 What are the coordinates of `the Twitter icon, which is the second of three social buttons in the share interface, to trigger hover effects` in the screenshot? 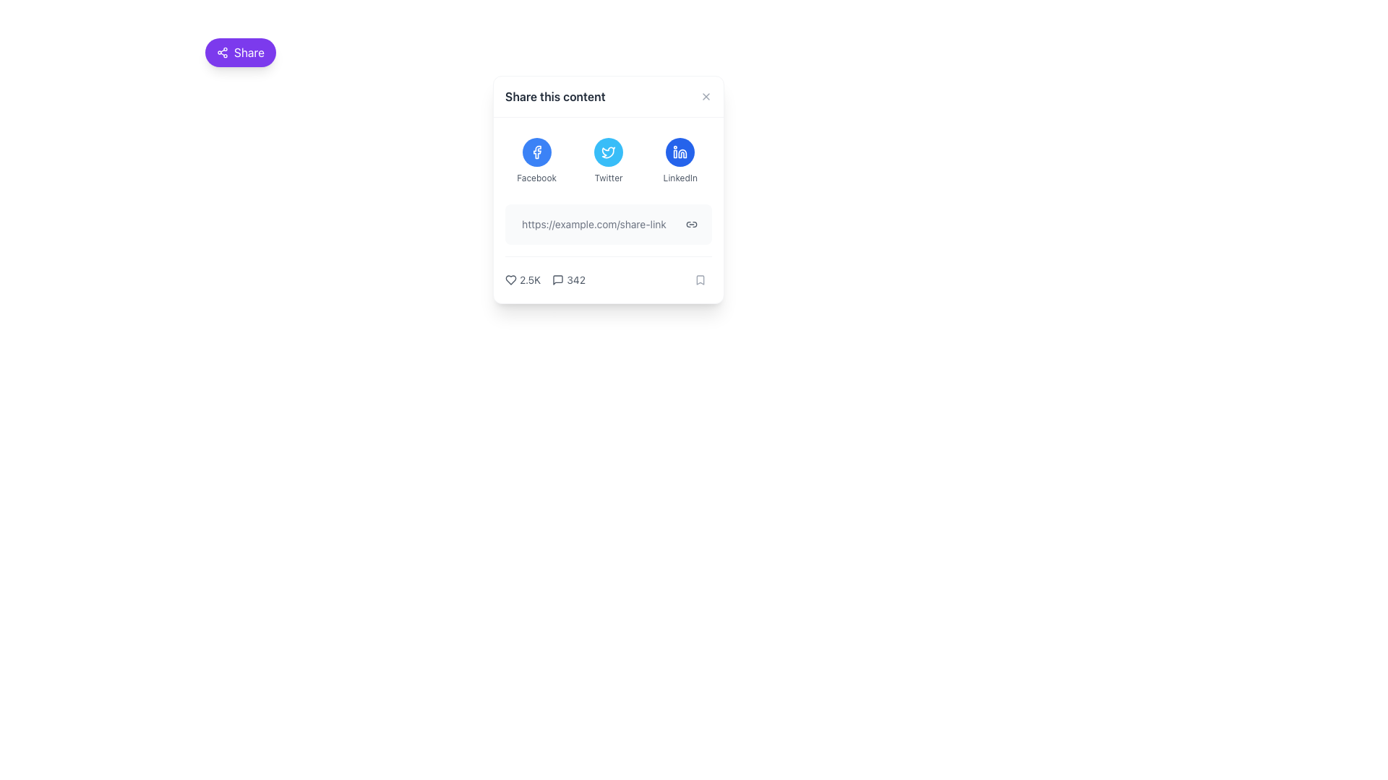 It's located at (608, 152).